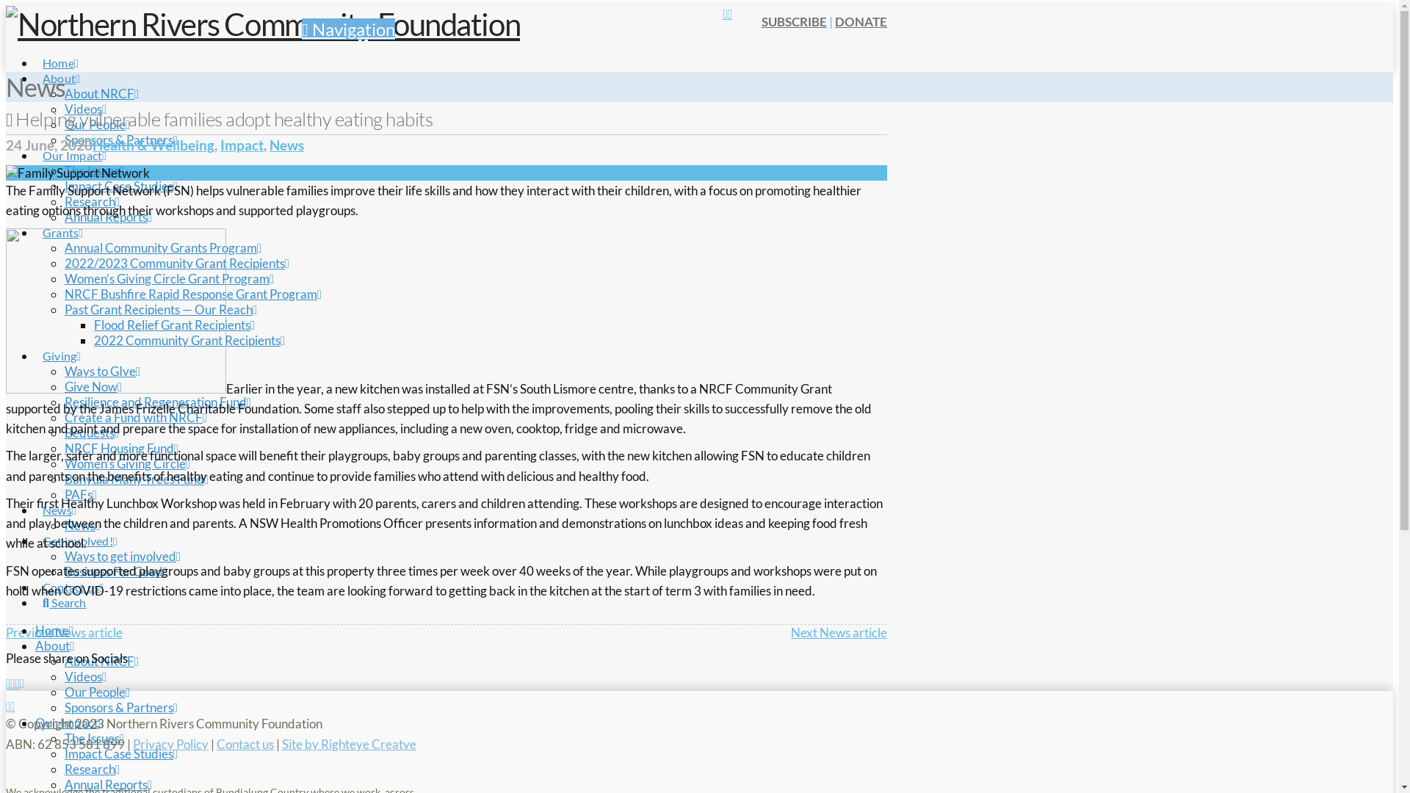 This screenshot has height=793, width=1410. Describe the element at coordinates (68, 722) in the screenshot. I see `'Our Impact'` at that location.